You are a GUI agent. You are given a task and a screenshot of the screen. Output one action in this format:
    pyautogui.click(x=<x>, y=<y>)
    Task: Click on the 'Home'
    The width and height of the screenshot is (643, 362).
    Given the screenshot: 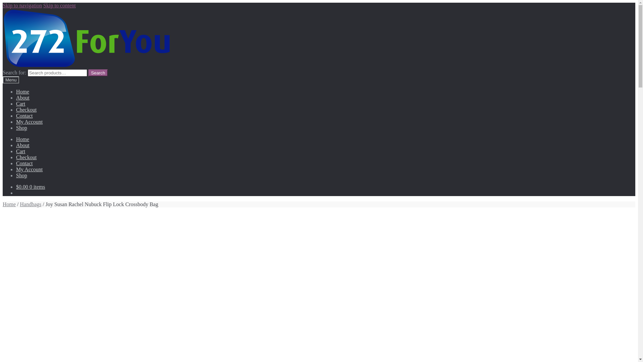 What is the action you would take?
    pyautogui.click(x=22, y=139)
    